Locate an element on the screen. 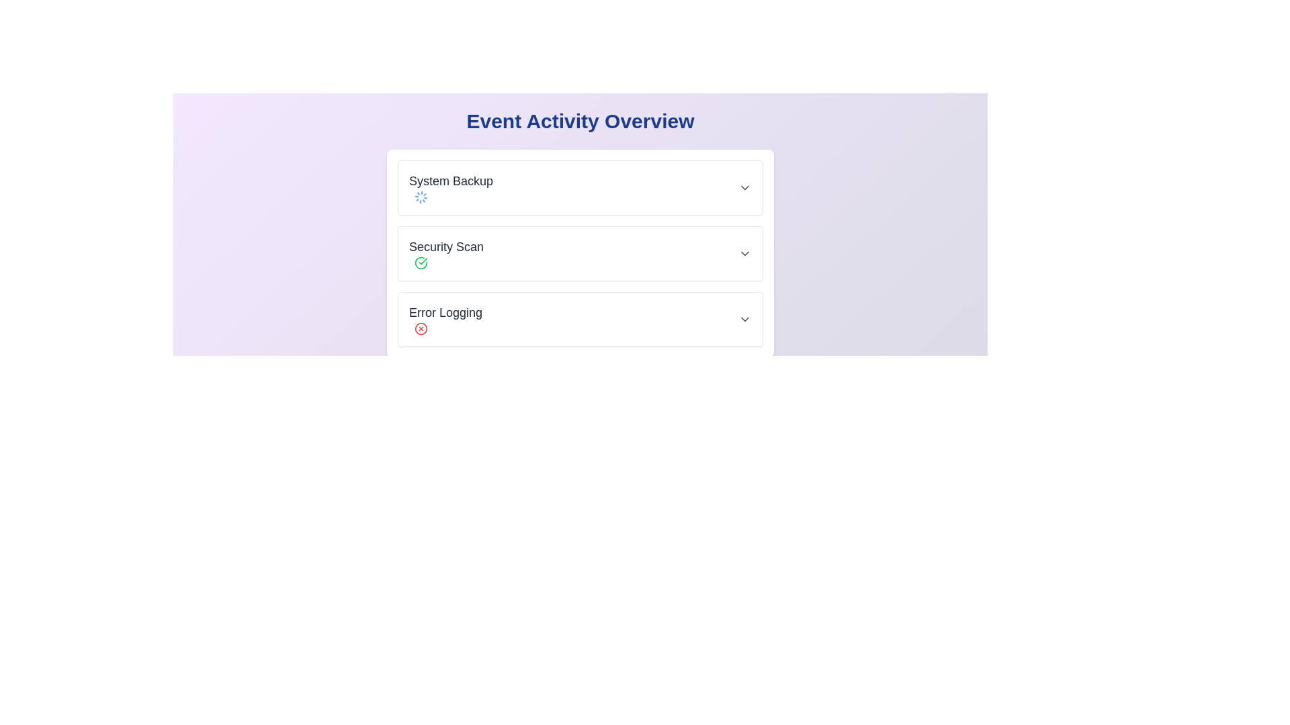 This screenshot has width=1290, height=725. the 'Error Logging' label with a red circular icon containing a white 'X', which is the third item in the 'Event Activity Overview' section is located at coordinates (445, 319).